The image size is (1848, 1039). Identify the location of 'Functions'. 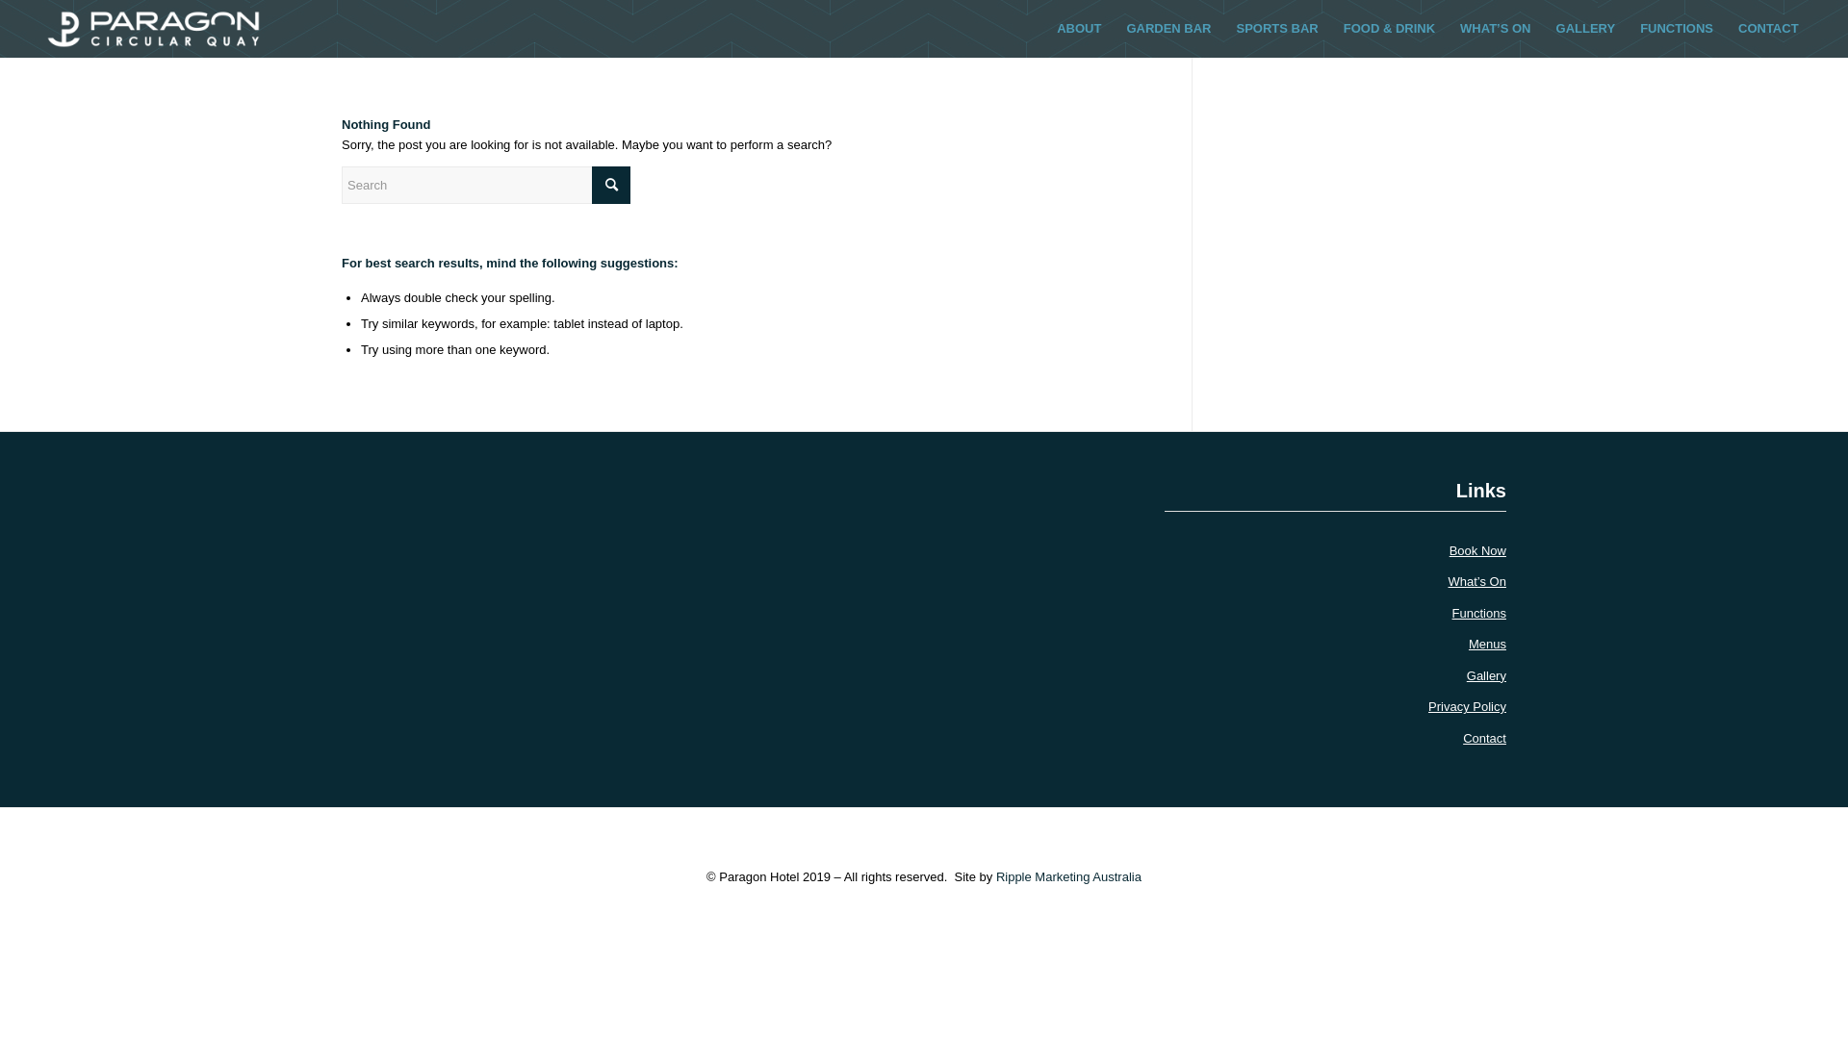
(1451, 613).